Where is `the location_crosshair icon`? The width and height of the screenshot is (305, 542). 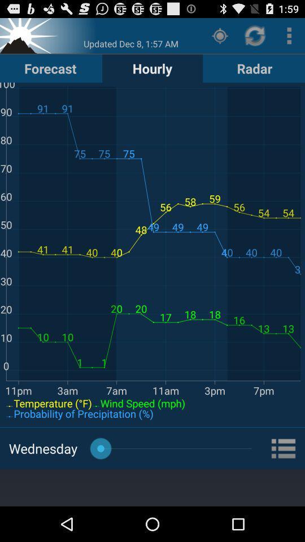 the location_crosshair icon is located at coordinates (220, 38).